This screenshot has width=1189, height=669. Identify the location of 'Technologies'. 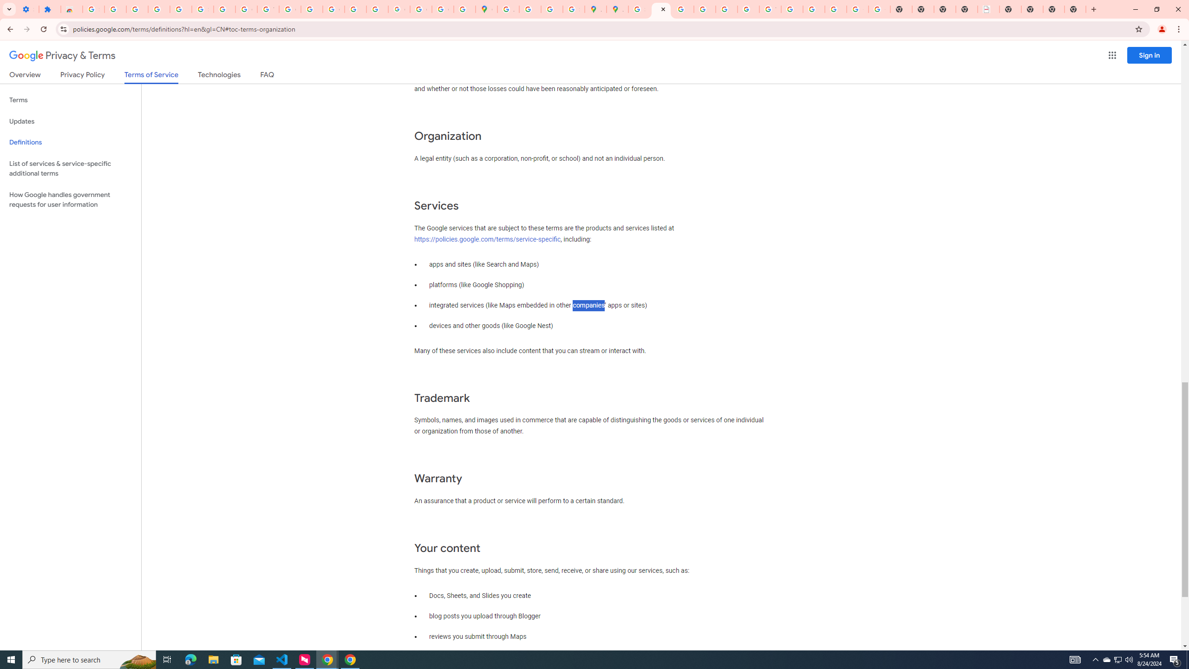
(219, 76).